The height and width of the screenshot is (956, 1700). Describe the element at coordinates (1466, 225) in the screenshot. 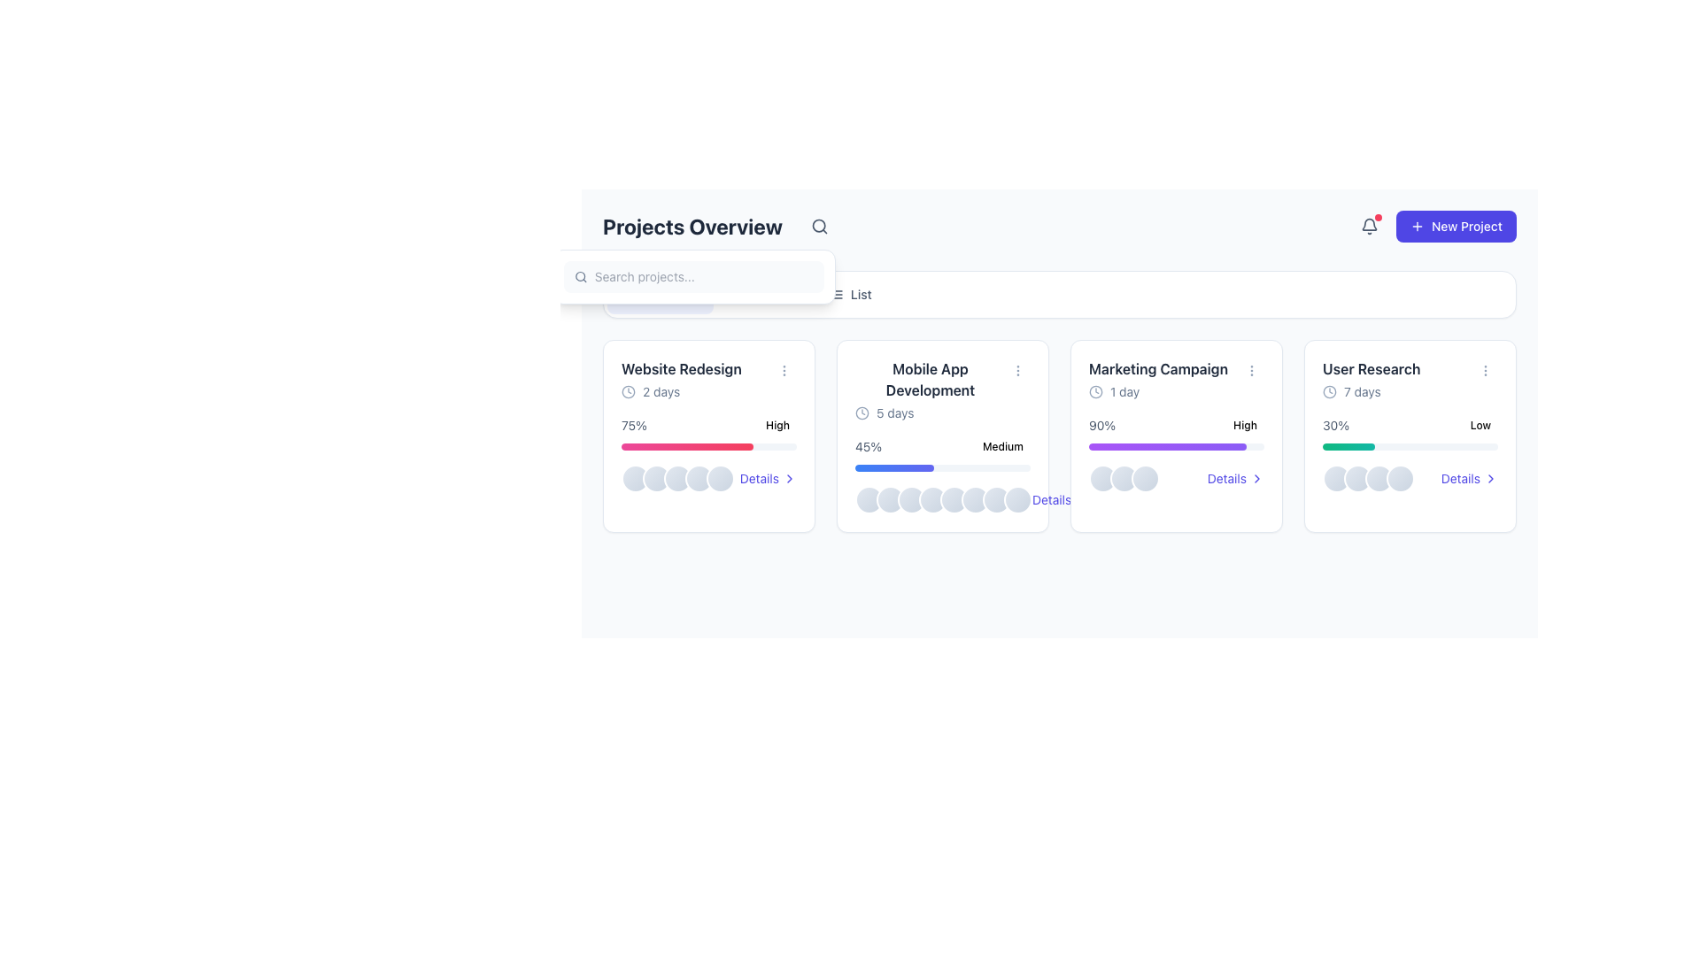

I see `the 'New Project' text element, which is displayed in bold white text against a blue background, located in the top-right corner of the interface` at that location.